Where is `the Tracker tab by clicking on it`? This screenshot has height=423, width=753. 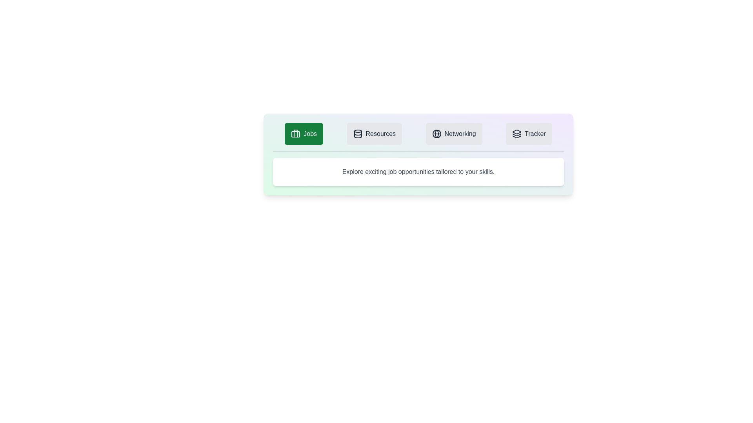
the Tracker tab by clicking on it is located at coordinates (529, 134).